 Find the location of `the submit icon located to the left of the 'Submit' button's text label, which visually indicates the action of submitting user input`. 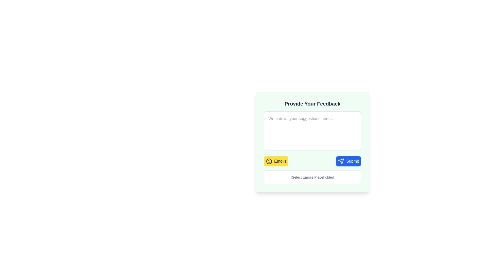

the submit icon located to the left of the 'Submit' button's text label, which visually indicates the action of submitting user input is located at coordinates (341, 161).